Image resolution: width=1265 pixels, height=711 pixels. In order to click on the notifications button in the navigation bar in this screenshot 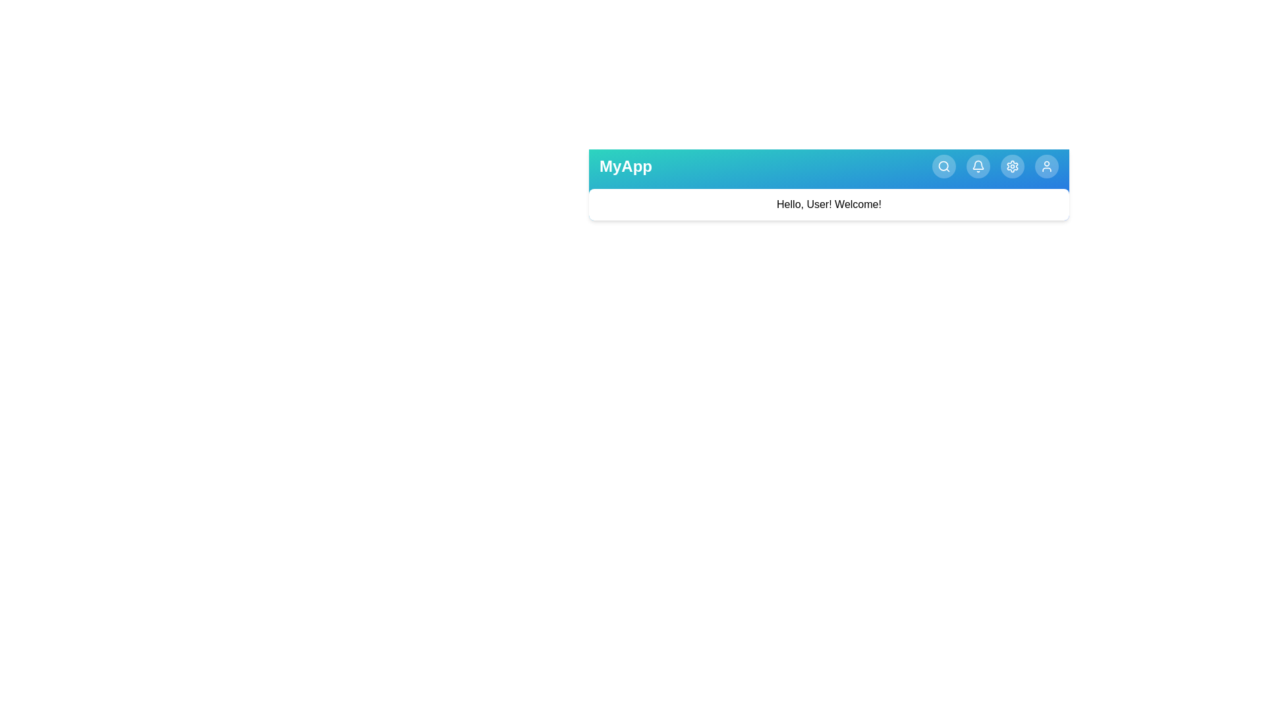, I will do `click(978, 166)`.